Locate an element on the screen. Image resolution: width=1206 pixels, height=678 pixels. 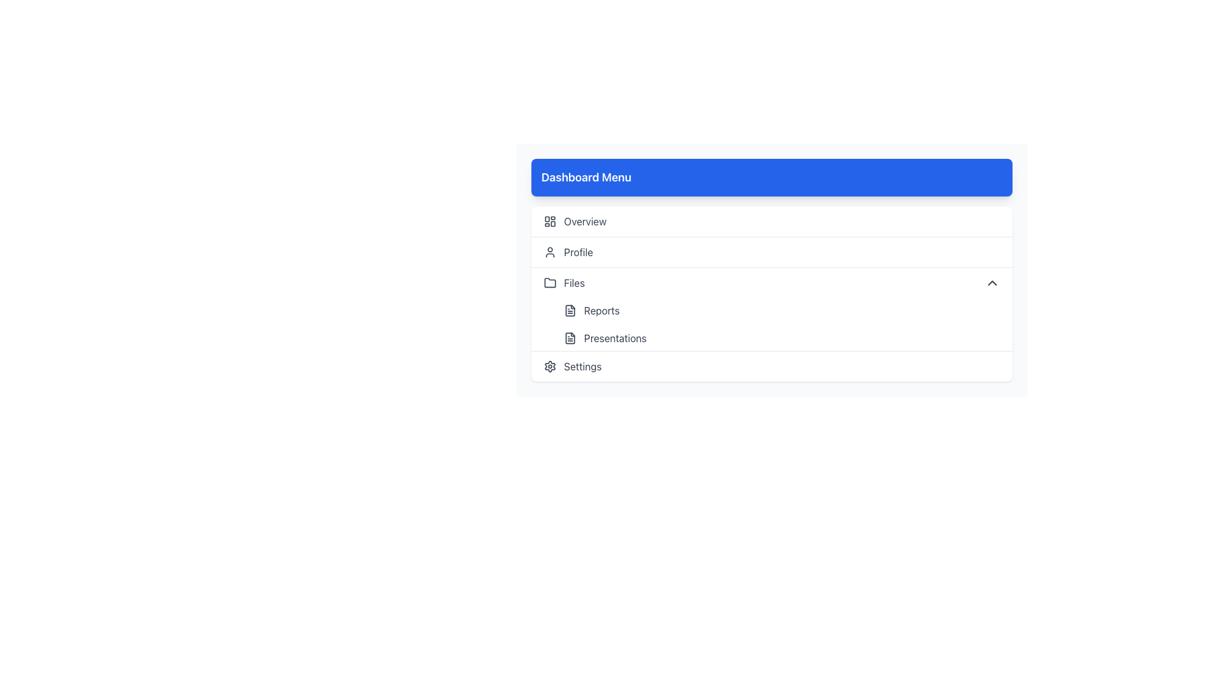
the 'Files' SVG Icon located to the left of the 'Files' menu label in the vertical menu is located at coordinates (550, 282).